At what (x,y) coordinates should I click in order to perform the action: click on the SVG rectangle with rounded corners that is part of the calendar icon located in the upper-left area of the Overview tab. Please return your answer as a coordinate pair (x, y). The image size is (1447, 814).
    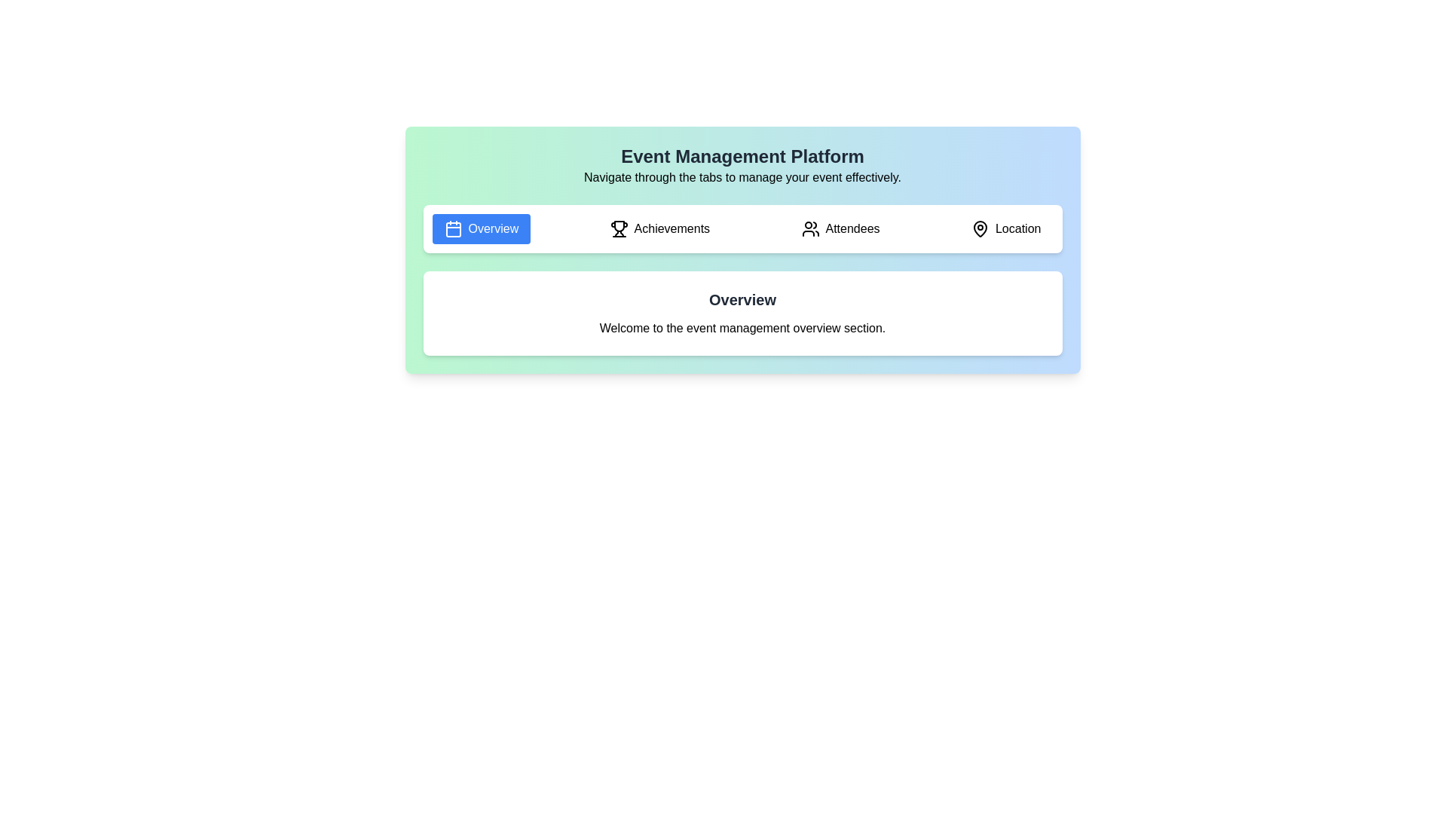
    Looking at the image, I should click on (452, 229).